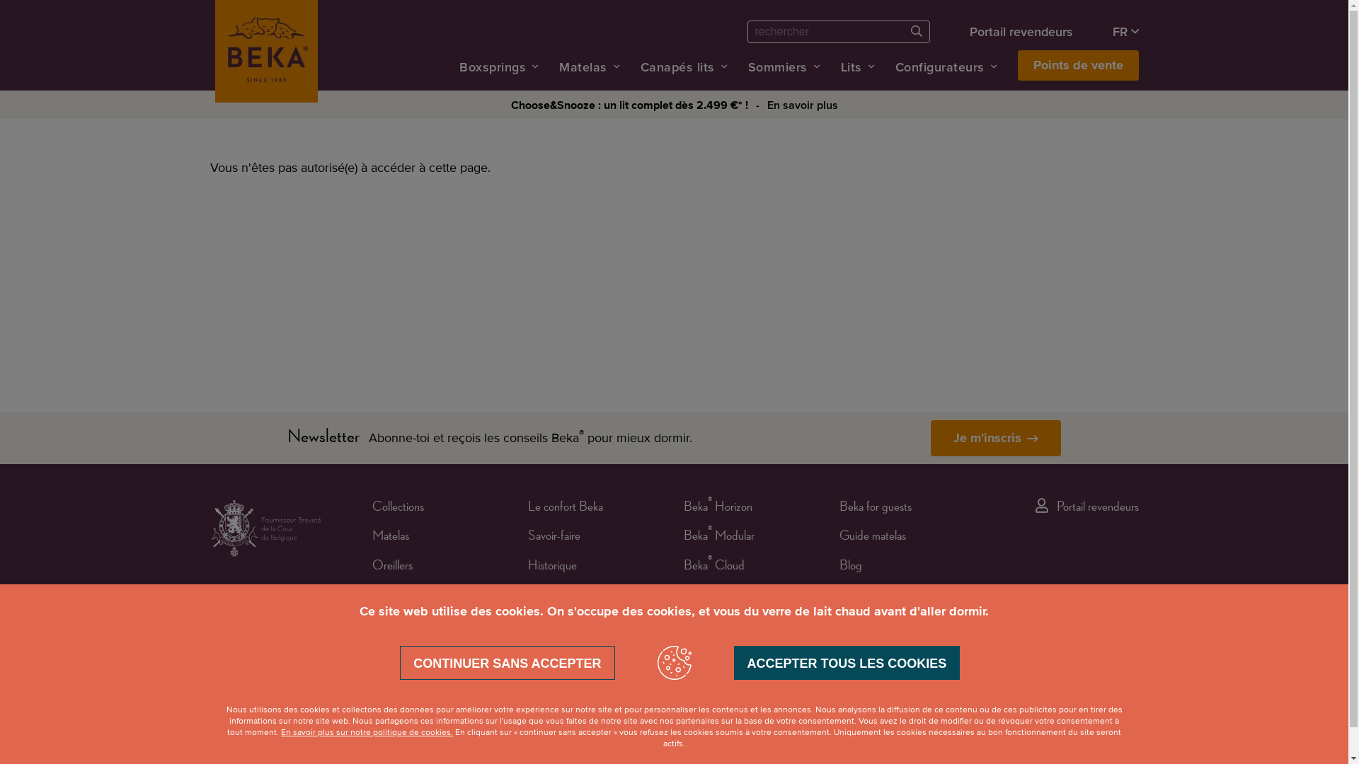 This screenshot has width=1359, height=764. Describe the element at coordinates (872, 538) in the screenshot. I see `'Guide matelas'` at that location.